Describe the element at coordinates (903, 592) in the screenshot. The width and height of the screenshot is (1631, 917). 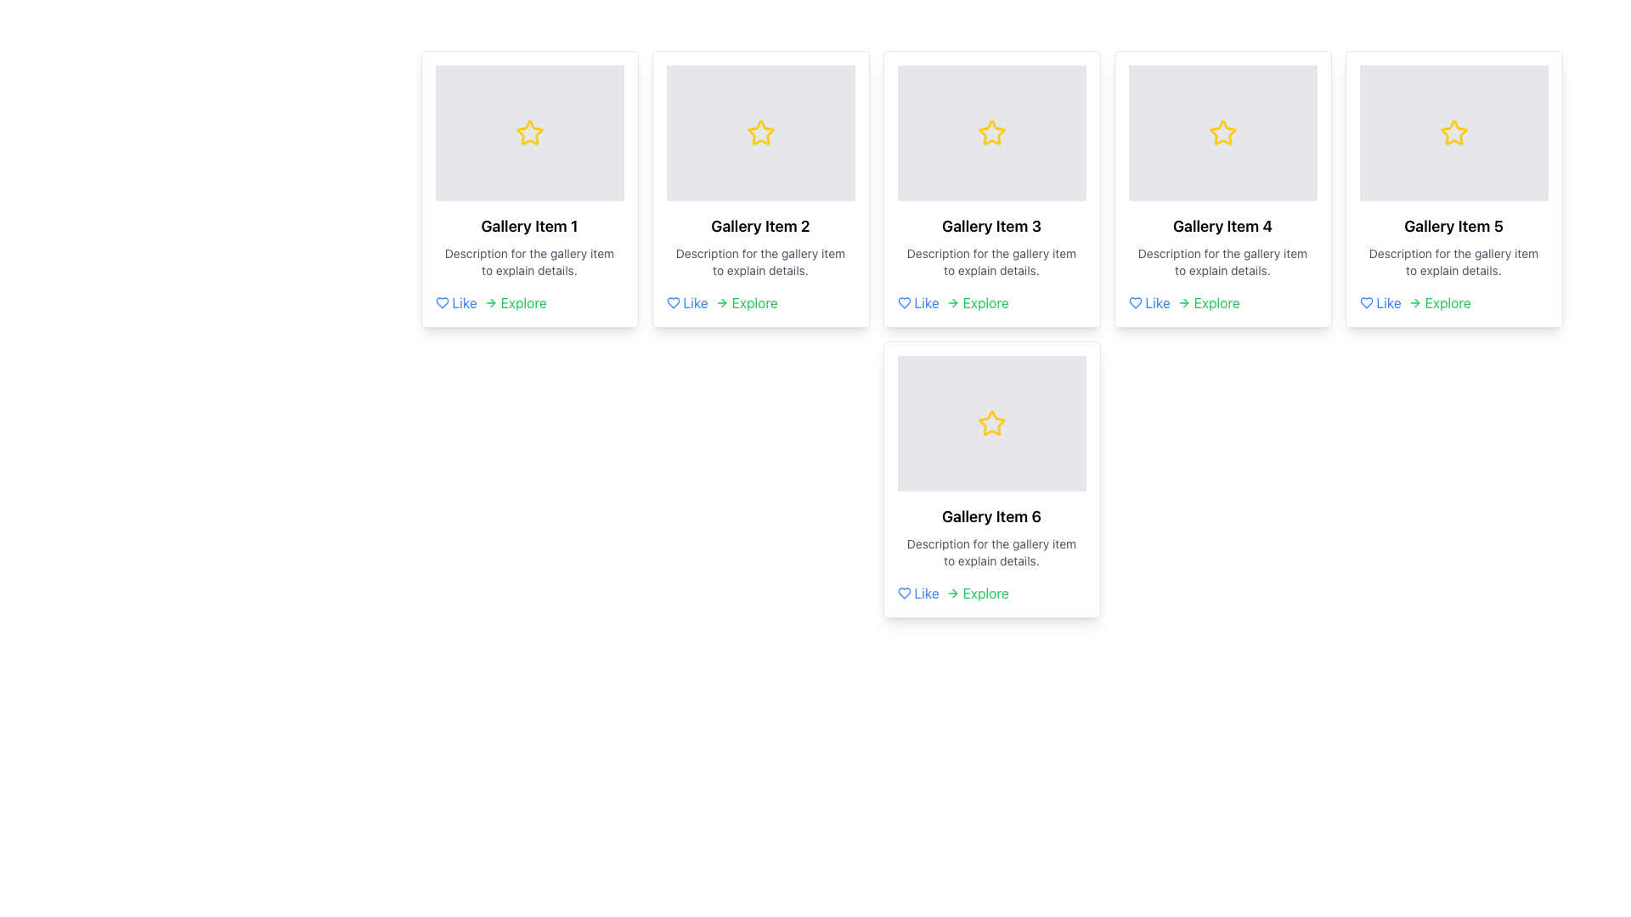
I see `the heart-shaped icon with a blue outline located in the 'Gallery Item 6' section` at that location.